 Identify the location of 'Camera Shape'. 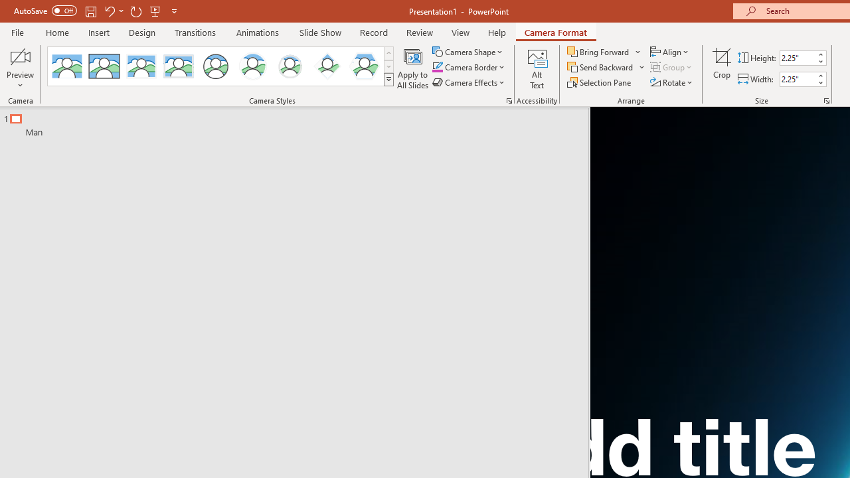
(468, 51).